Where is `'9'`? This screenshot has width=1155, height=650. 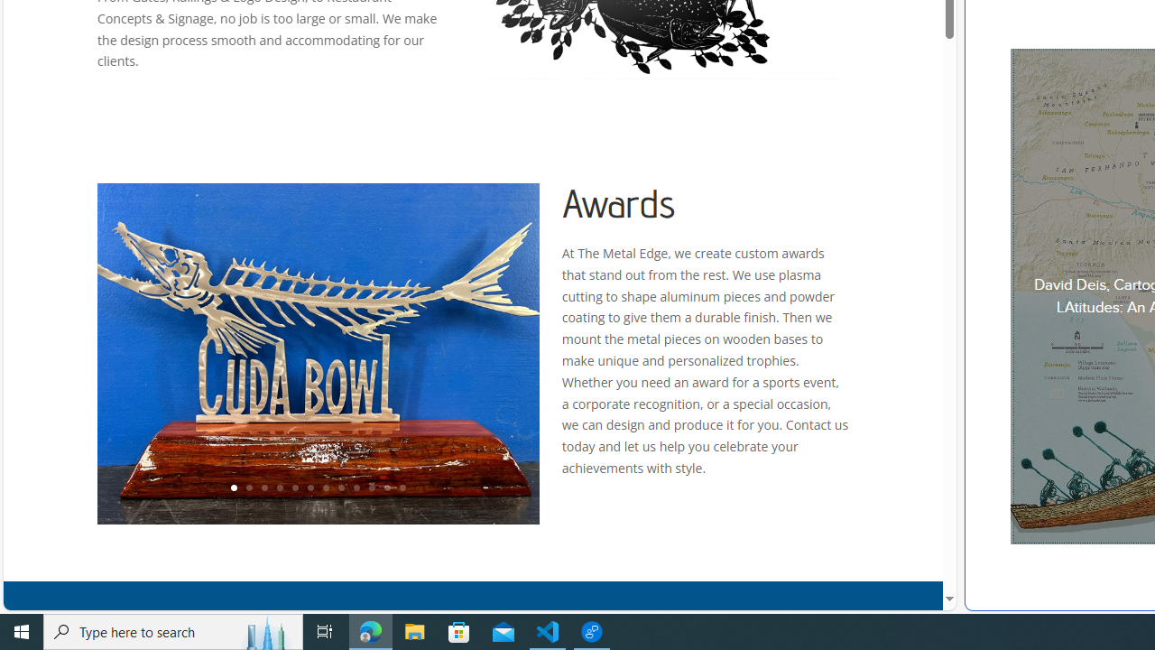 '9' is located at coordinates (356, 488).